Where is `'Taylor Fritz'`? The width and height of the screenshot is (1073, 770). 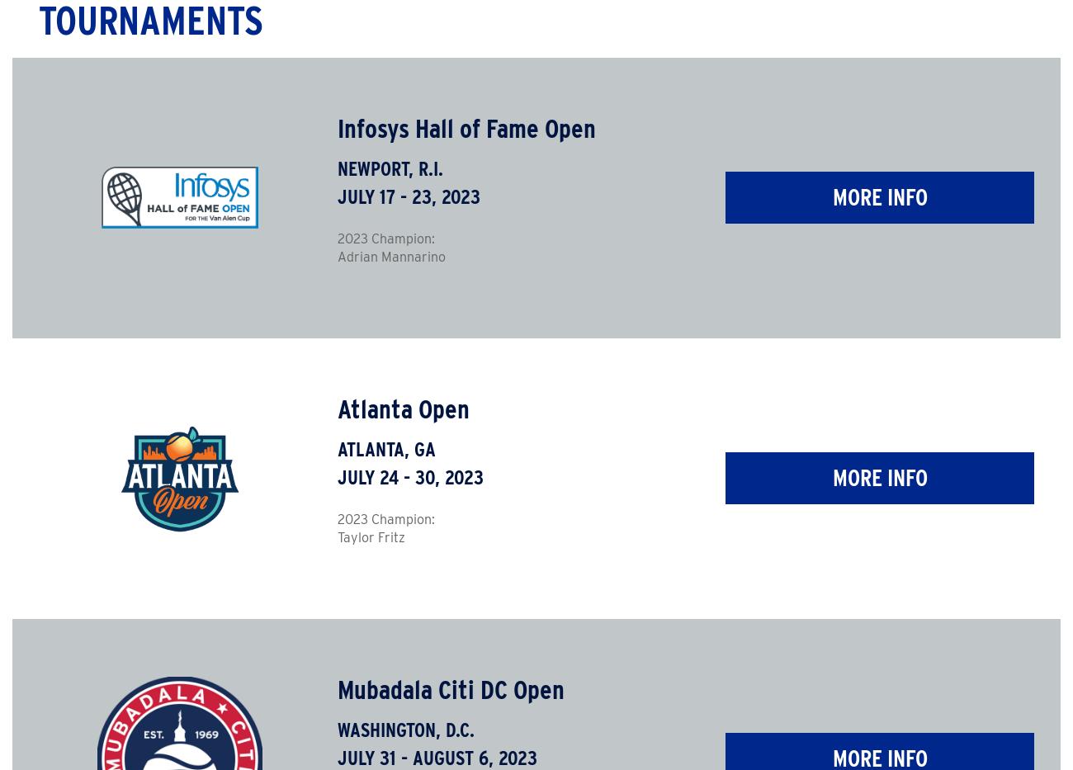
'Taylor Fritz' is located at coordinates (370, 536).